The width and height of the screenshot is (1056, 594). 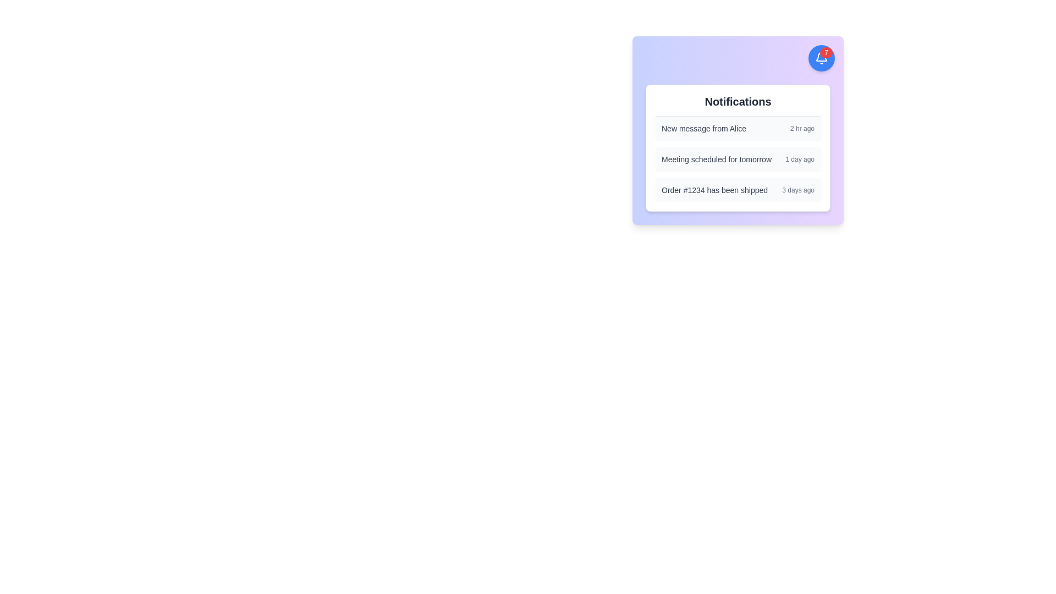 What do you see at coordinates (802, 128) in the screenshot?
I see `the text label displaying '2 hr ago', which is a dim gray timestamp located to the right of 'New message from Alice' in the notification pane` at bounding box center [802, 128].